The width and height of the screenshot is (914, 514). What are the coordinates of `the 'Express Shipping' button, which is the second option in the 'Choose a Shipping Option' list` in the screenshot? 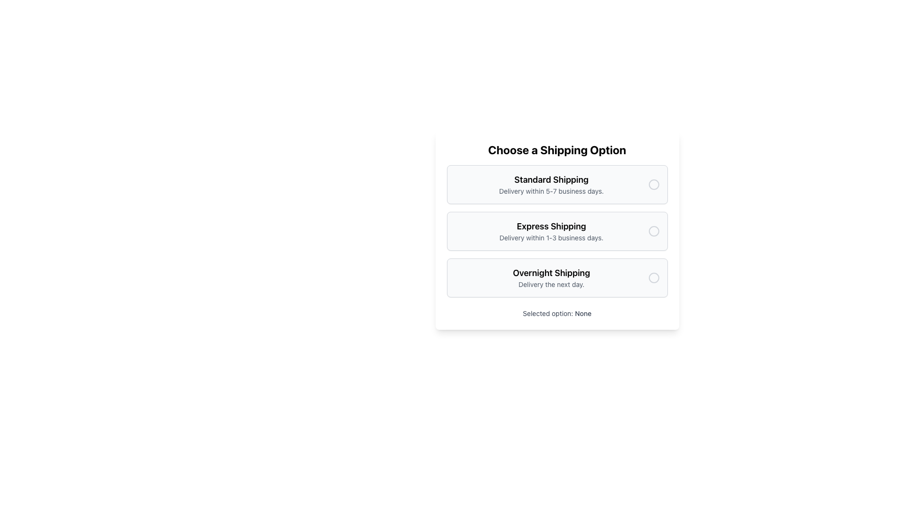 It's located at (557, 231).